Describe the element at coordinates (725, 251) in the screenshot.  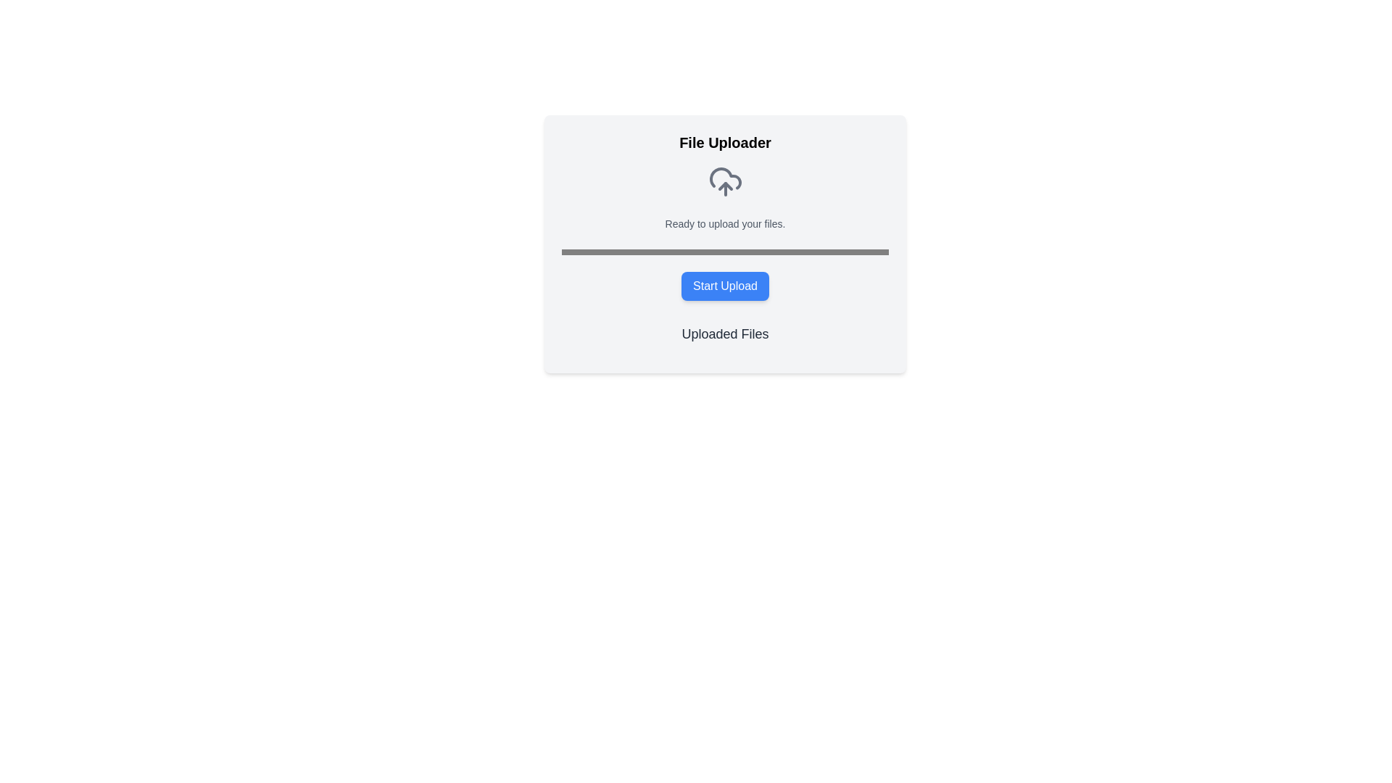
I see `the progress bar located below the text 'Ready to upload your files.' and above the 'Start Upload' button in the 'File Uploader' section, which currently indicates 0% completion` at that location.